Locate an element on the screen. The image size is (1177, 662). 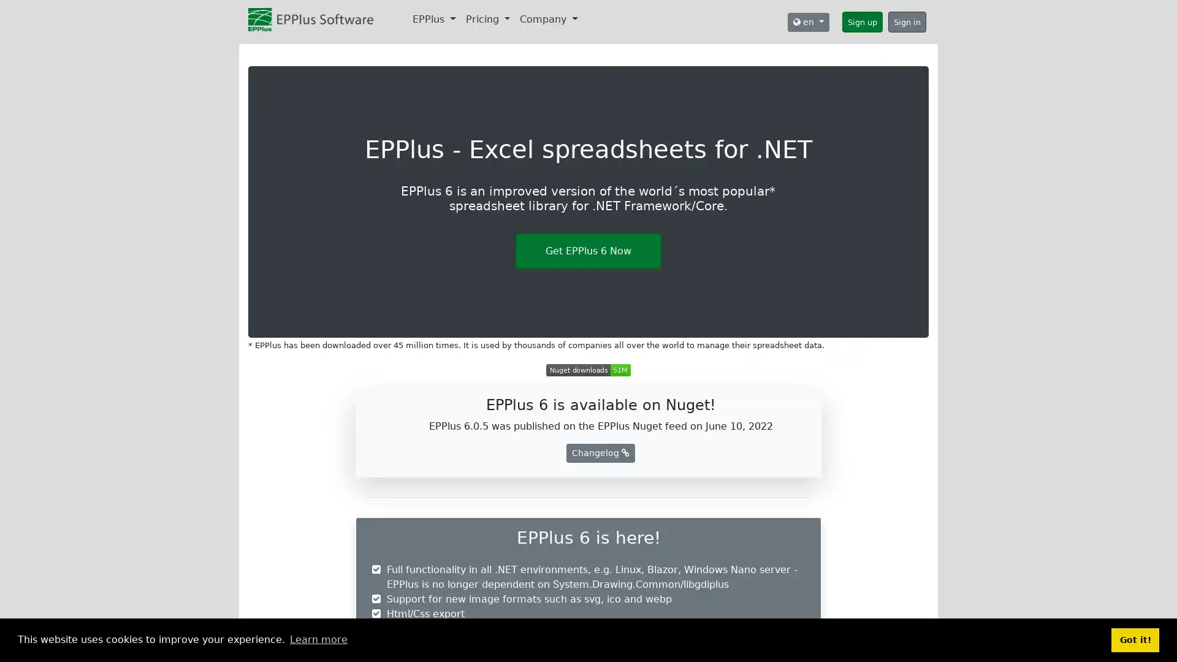
dismiss cookie message is located at coordinates (1135, 639).